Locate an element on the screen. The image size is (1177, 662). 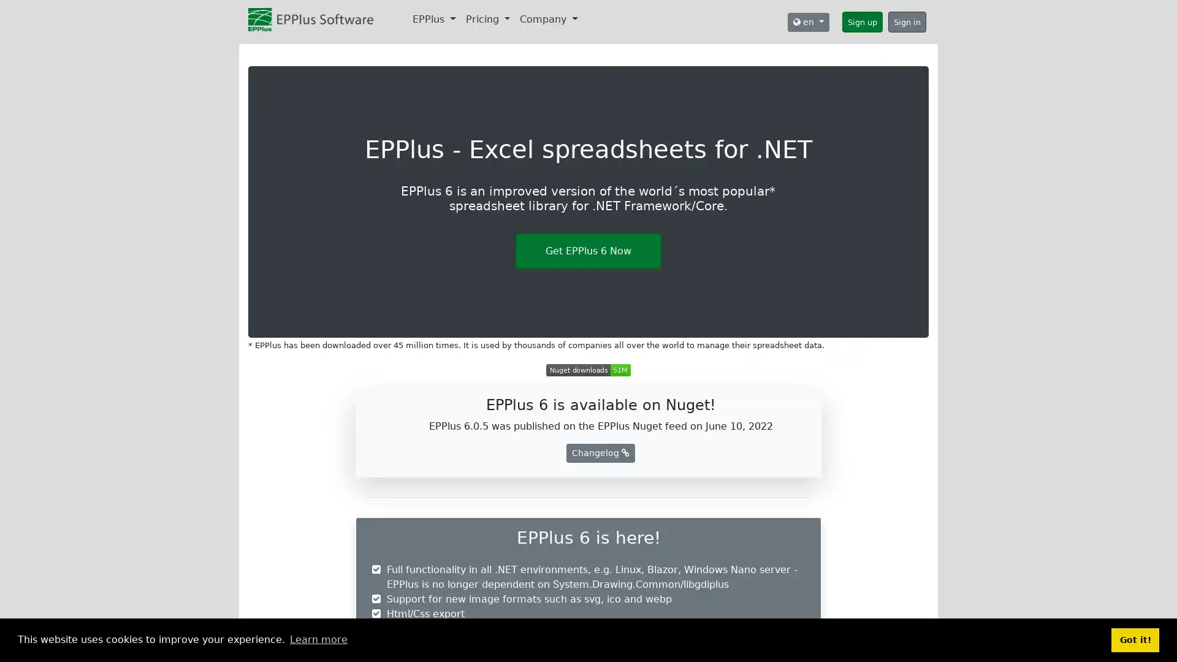
dismiss cookie message is located at coordinates (1135, 639).